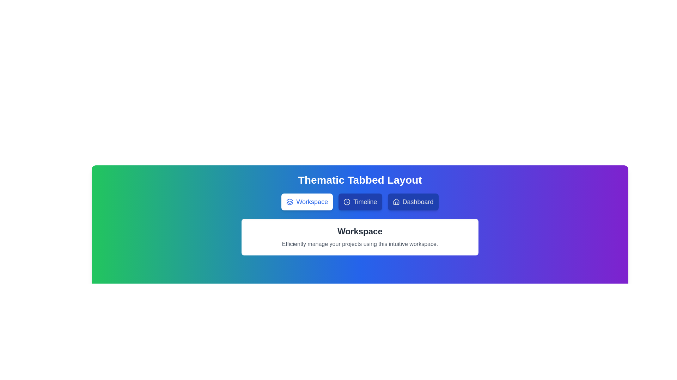  What do you see at coordinates (360, 202) in the screenshot?
I see `the 'Timeline' navigation button to trigger a visual change` at bounding box center [360, 202].